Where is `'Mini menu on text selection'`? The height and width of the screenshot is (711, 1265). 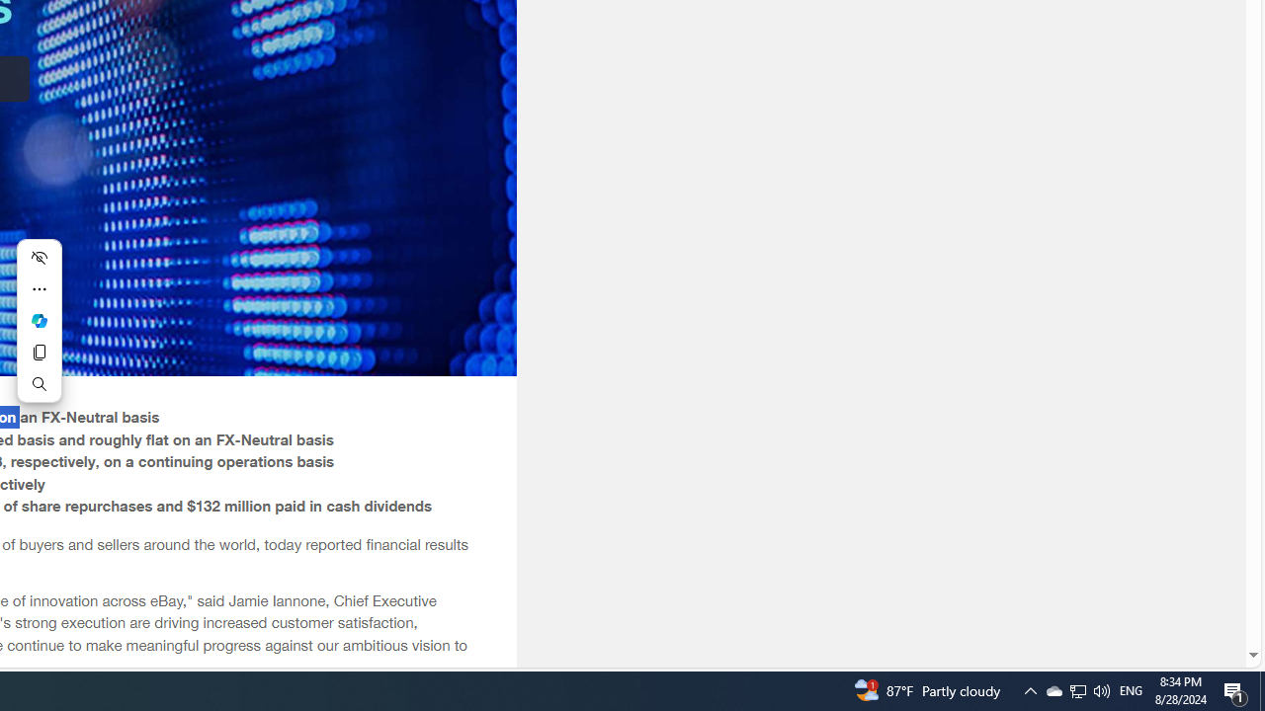 'Mini menu on text selection' is located at coordinates (39, 320).